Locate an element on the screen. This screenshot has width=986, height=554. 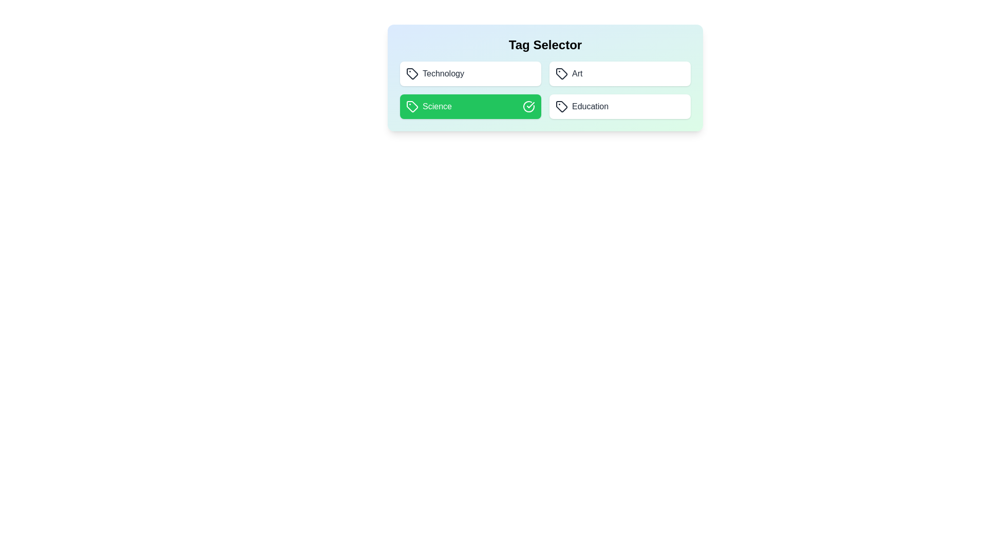
the tag Science by clicking on it is located at coordinates (470, 107).